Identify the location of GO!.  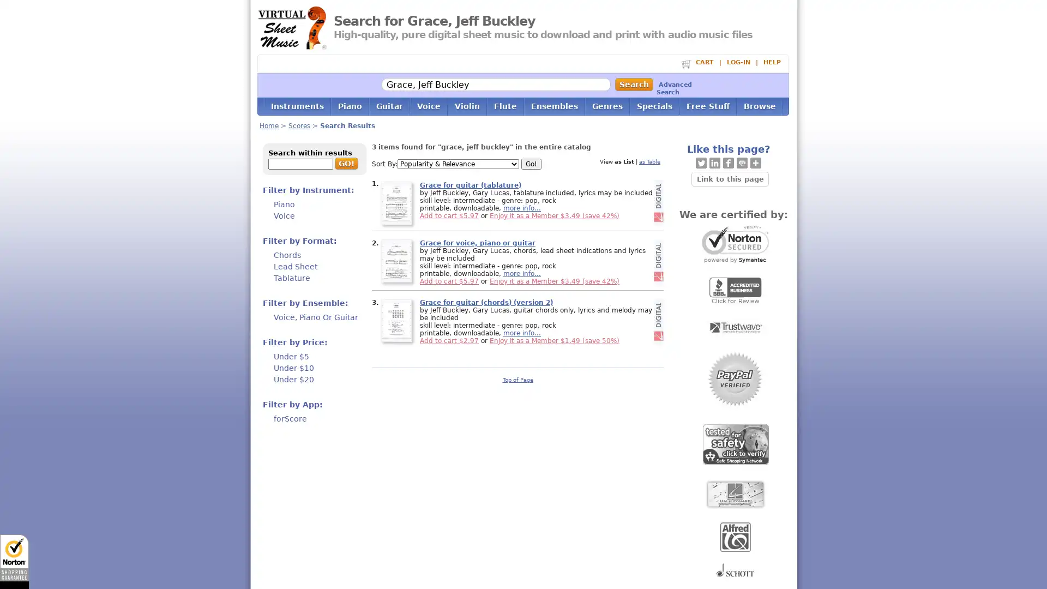
(346, 164).